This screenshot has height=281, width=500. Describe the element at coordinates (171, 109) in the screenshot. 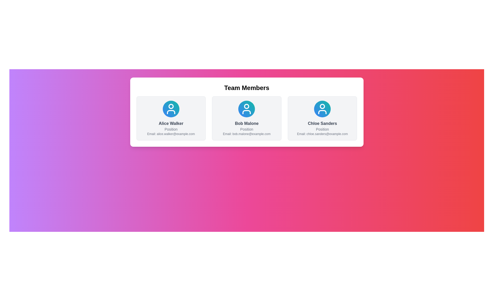

I see `the user icon with a blue-to-teal gradient circular background located at the center-top of the card labeled 'Alice Walker'` at that location.